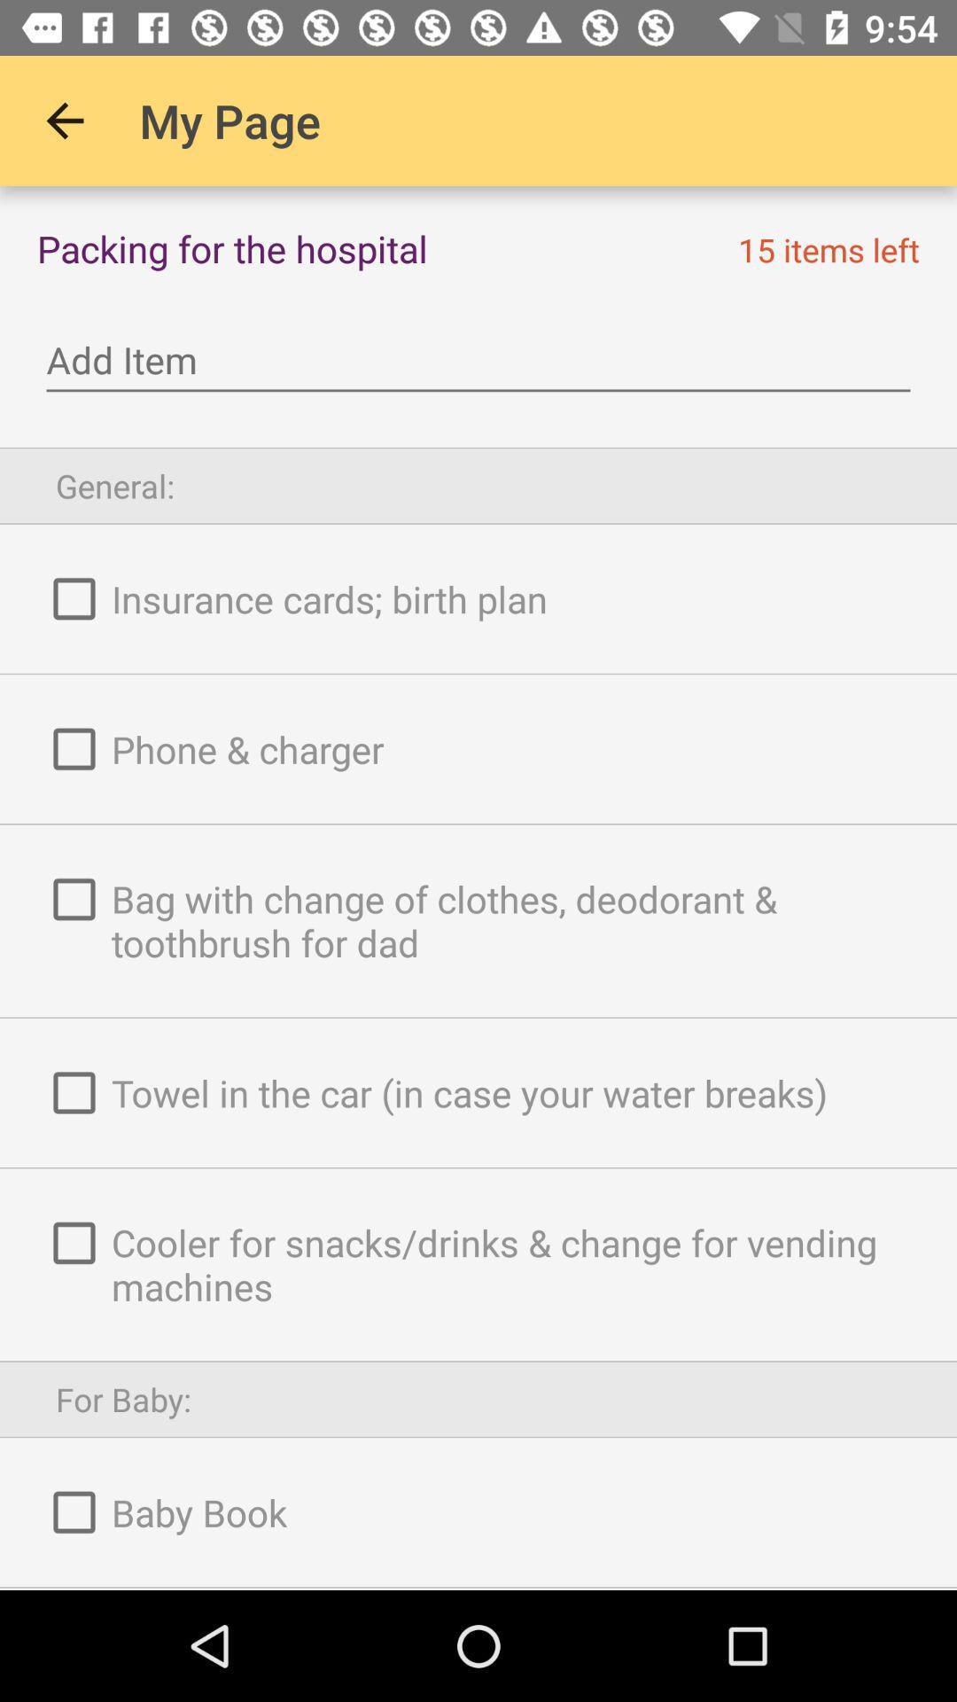  Describe the element at coordinates (478, 359) in the screenshot. I see `icon below the packing for the icon` at that location.